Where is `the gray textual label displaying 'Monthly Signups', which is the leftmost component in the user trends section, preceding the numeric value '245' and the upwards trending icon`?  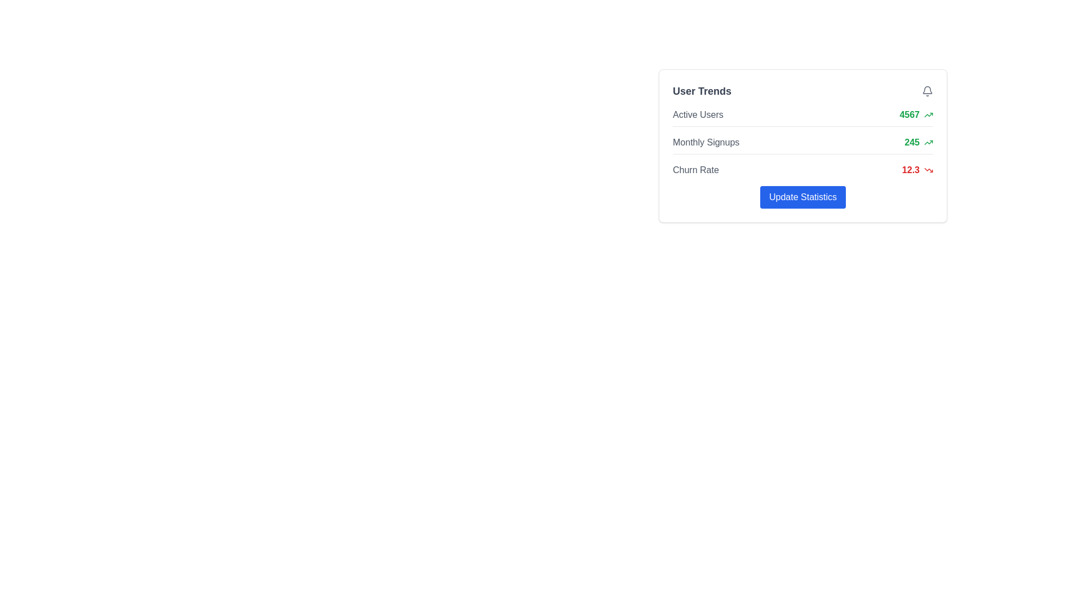
the gray textual label displaying 'Monthly Signups', which is the leftmost component in the user trends section, preceding the numeric value '245' and the upwards trending icon is located at coordinates (706, 142).